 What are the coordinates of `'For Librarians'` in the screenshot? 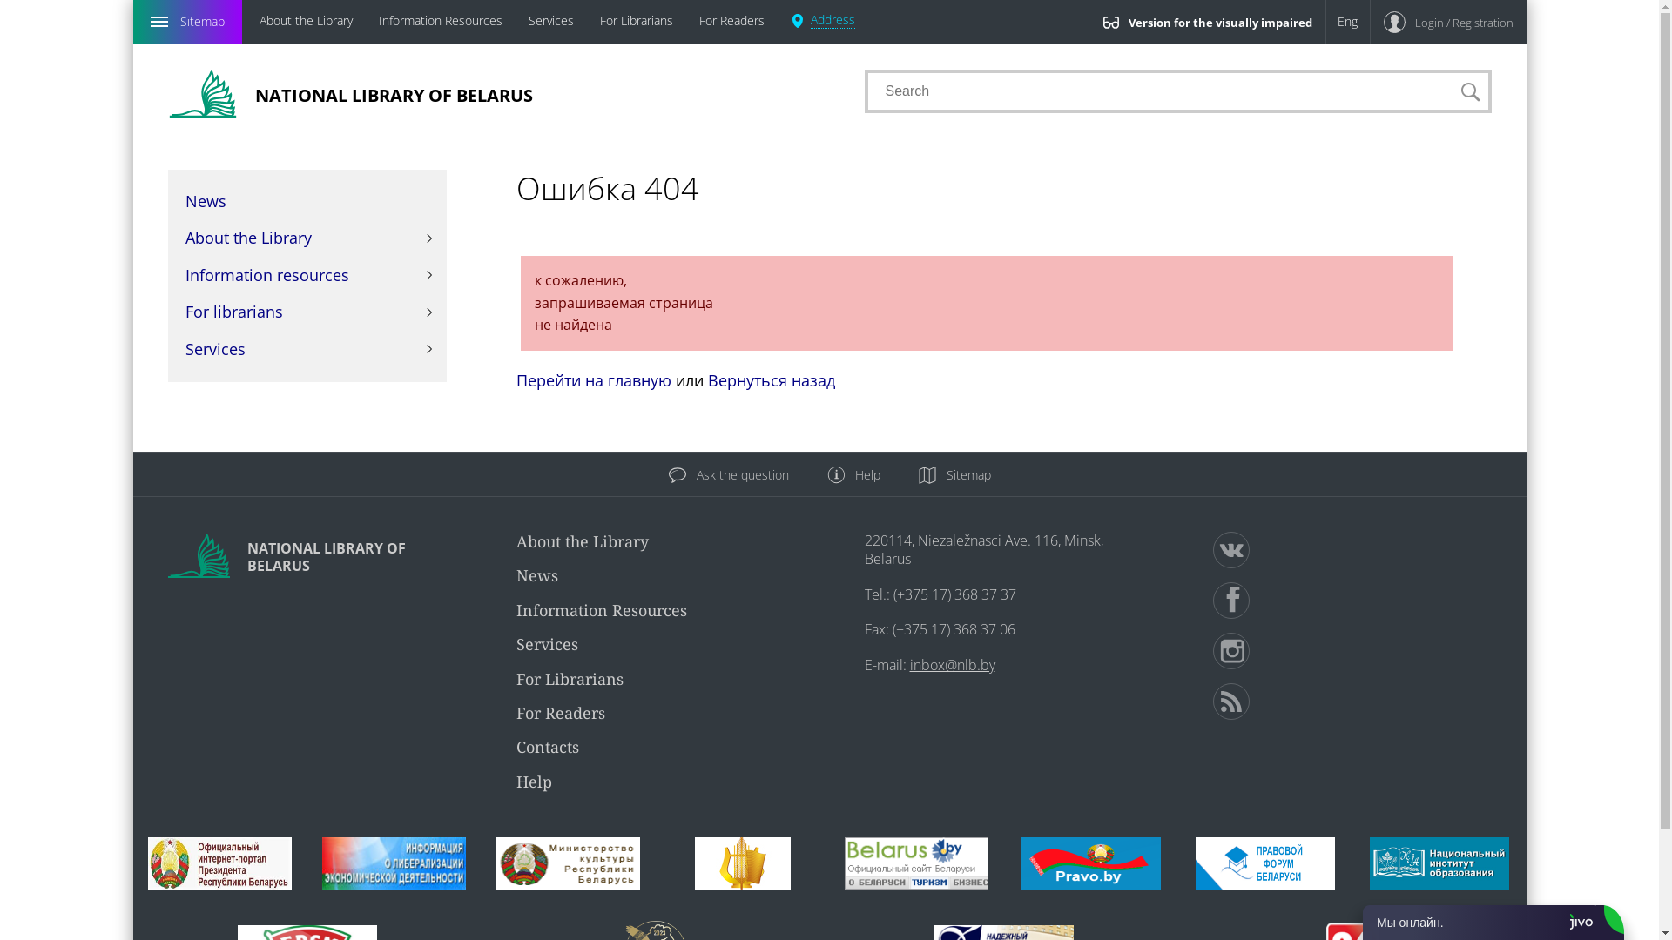 It's located at (634, 21).